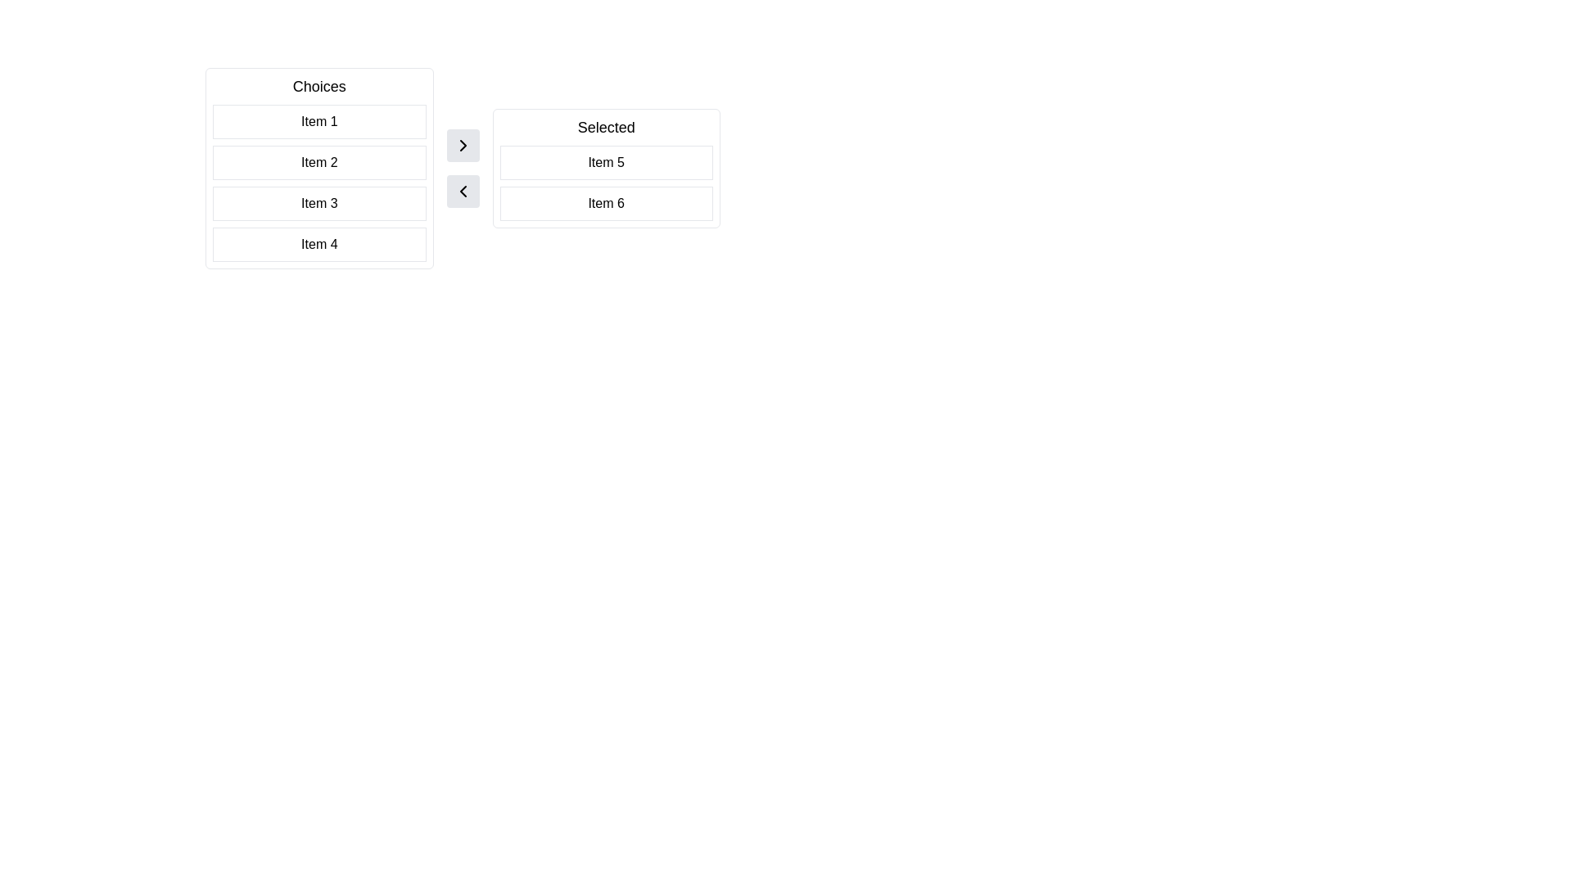  I want to click on the second selectable item in the 'Choices' list, so click(319, 163).